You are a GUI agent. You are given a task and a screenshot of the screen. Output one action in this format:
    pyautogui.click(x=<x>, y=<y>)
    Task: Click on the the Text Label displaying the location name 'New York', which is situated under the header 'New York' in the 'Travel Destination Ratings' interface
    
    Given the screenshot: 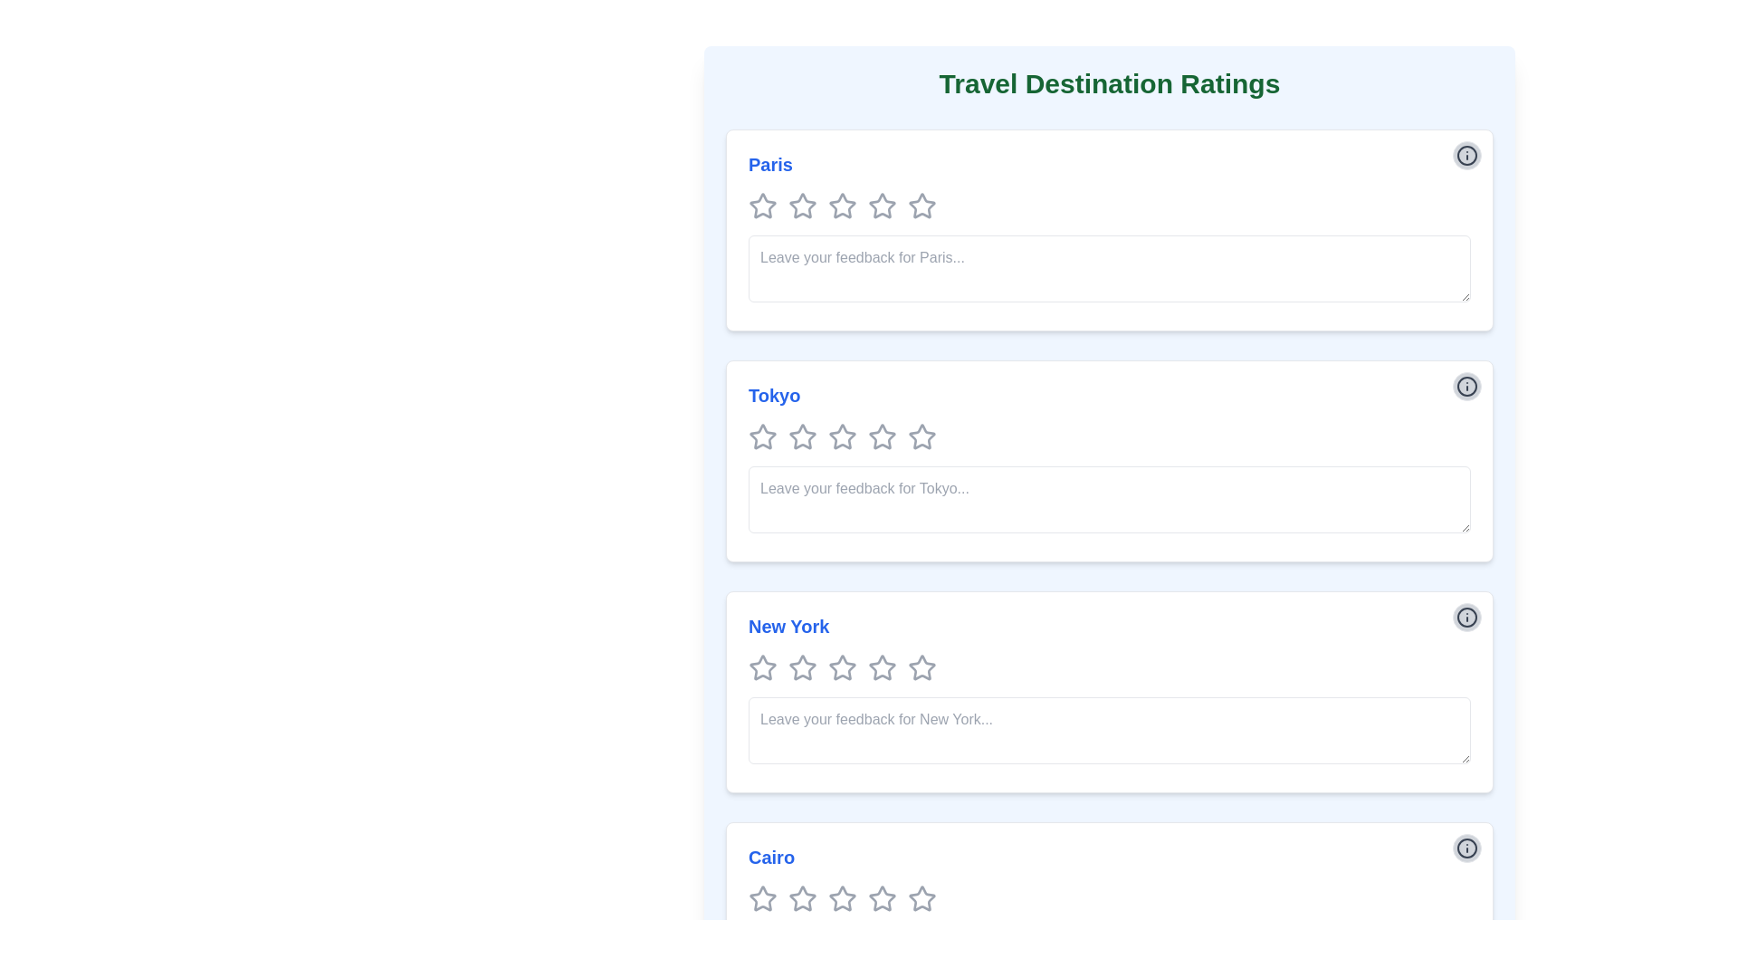 What is the action you would take?
    pyautogui.click(x=788, y=625)
    